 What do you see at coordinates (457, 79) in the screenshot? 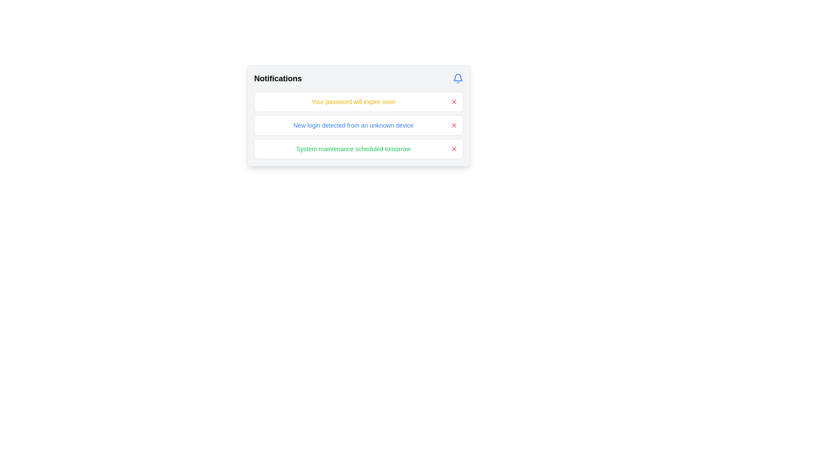
I see `the blue bell icon with a rounded outline located at the top-right of the notifications section, aligned with the 'Notifications' text` at bounding box center [457, 79].